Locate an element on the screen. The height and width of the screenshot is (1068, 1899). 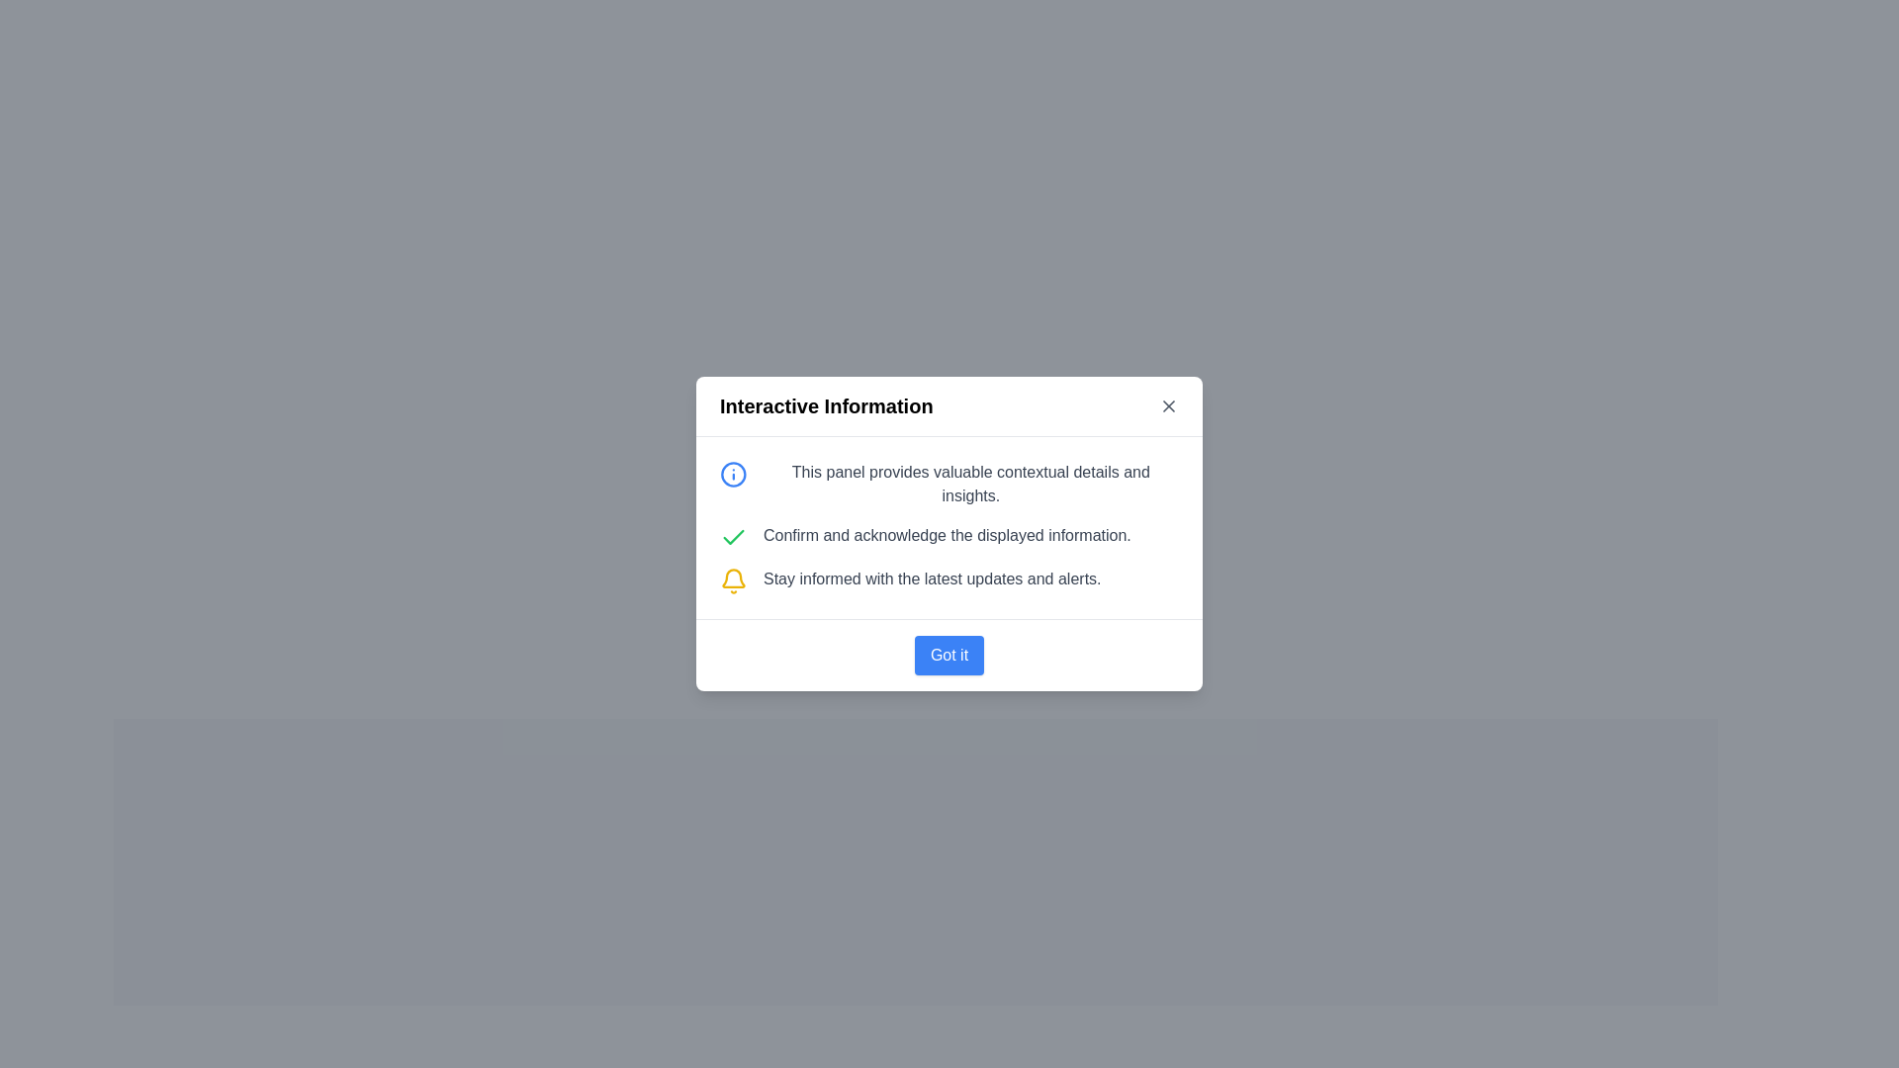
informative text block located at the bottom of the displayed panel, specifically the third information row, which includes a bell icon indicating alerts is located at coordinates (949, 579).